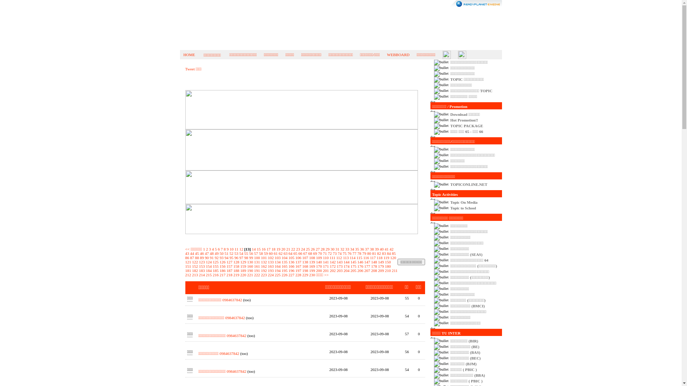 This screenshot has height=386, width=687. What do you see at coordinates (192, 258) in the screenshot?
I see `'87'` at bounding box center [192, 258].